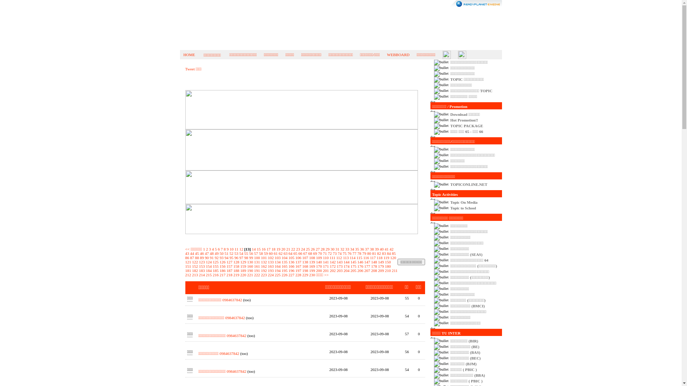 This screenshot has height=386, width=687. What do you see at coordinates (192, 258) in the screenshot?
I see `'87'` at bounding box center [192, 258].